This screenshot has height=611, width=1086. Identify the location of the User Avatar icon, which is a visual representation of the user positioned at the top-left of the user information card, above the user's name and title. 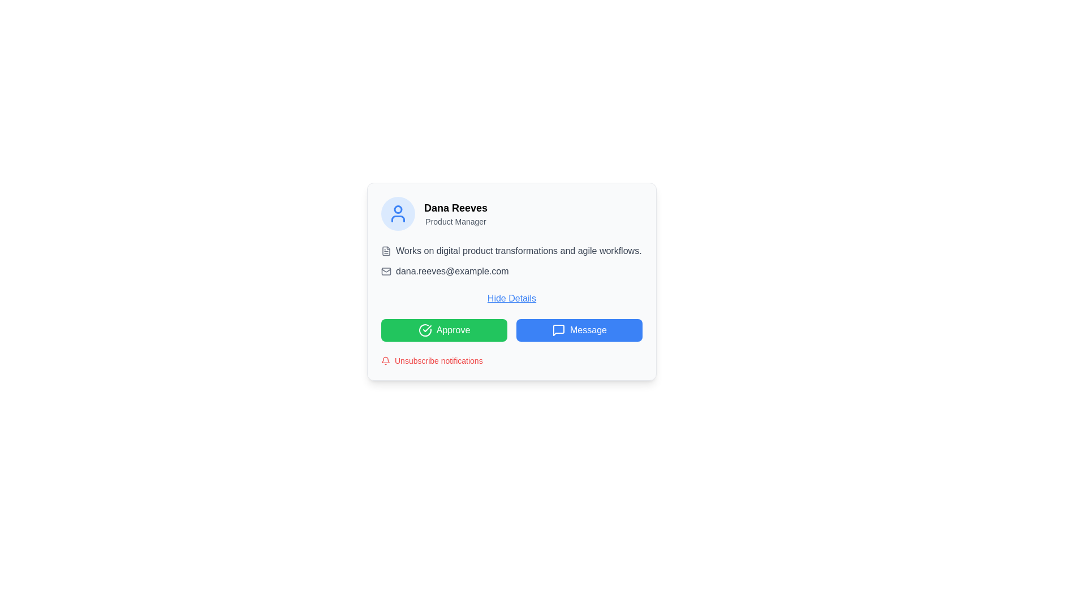
(398, 214).